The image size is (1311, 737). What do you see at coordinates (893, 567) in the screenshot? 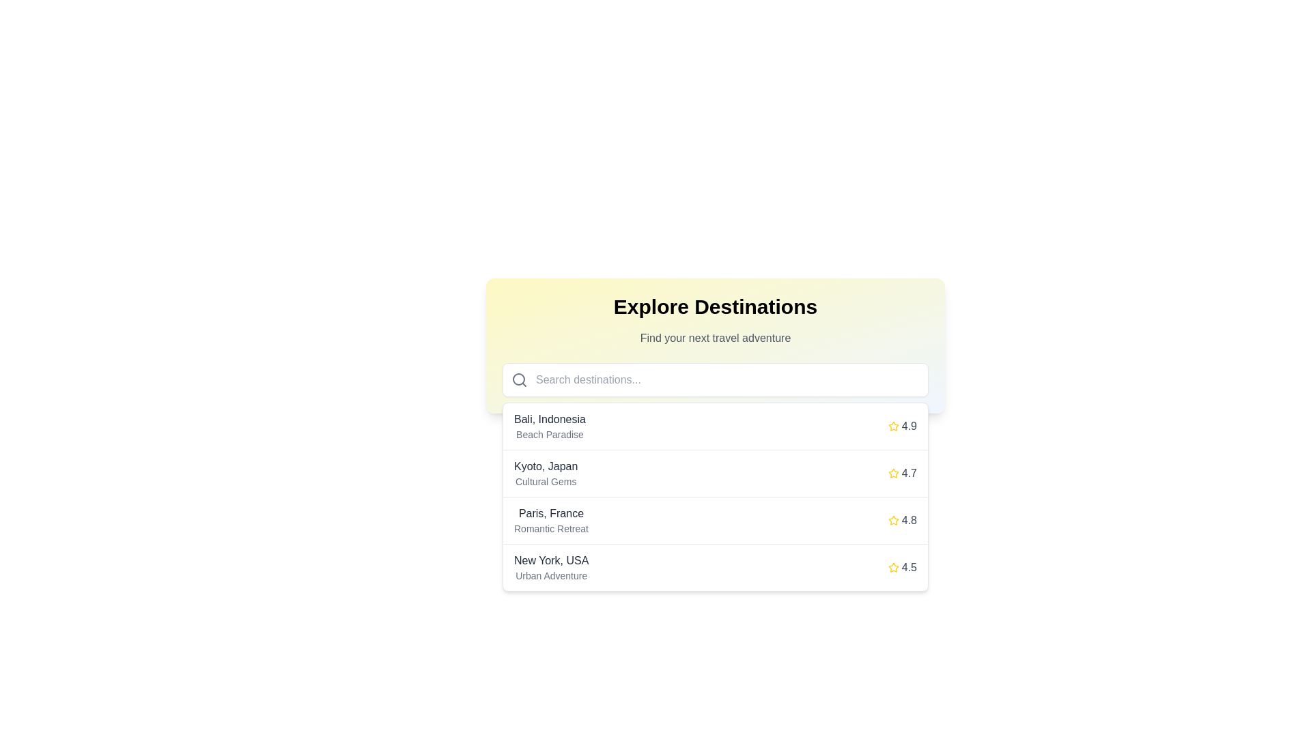
I see `the fourth star icon that indicates the rating for the 'New York, USA' entry, positioned to the right of the rating text '4.5'` at bounding box center [893, 567].